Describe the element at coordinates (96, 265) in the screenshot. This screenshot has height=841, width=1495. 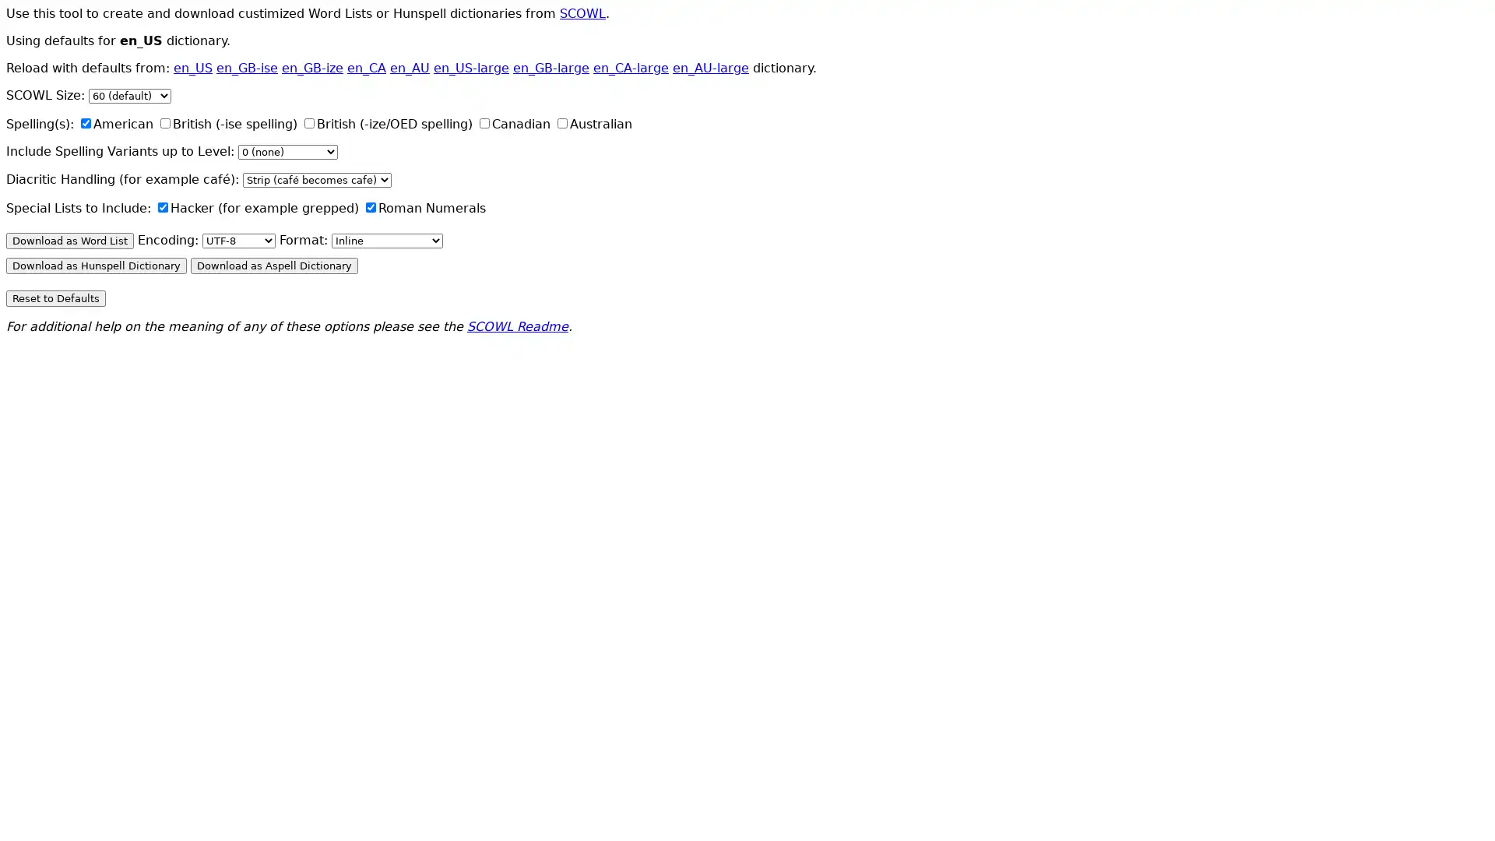
I see `Download as Hunspell Dictionary` at that location.